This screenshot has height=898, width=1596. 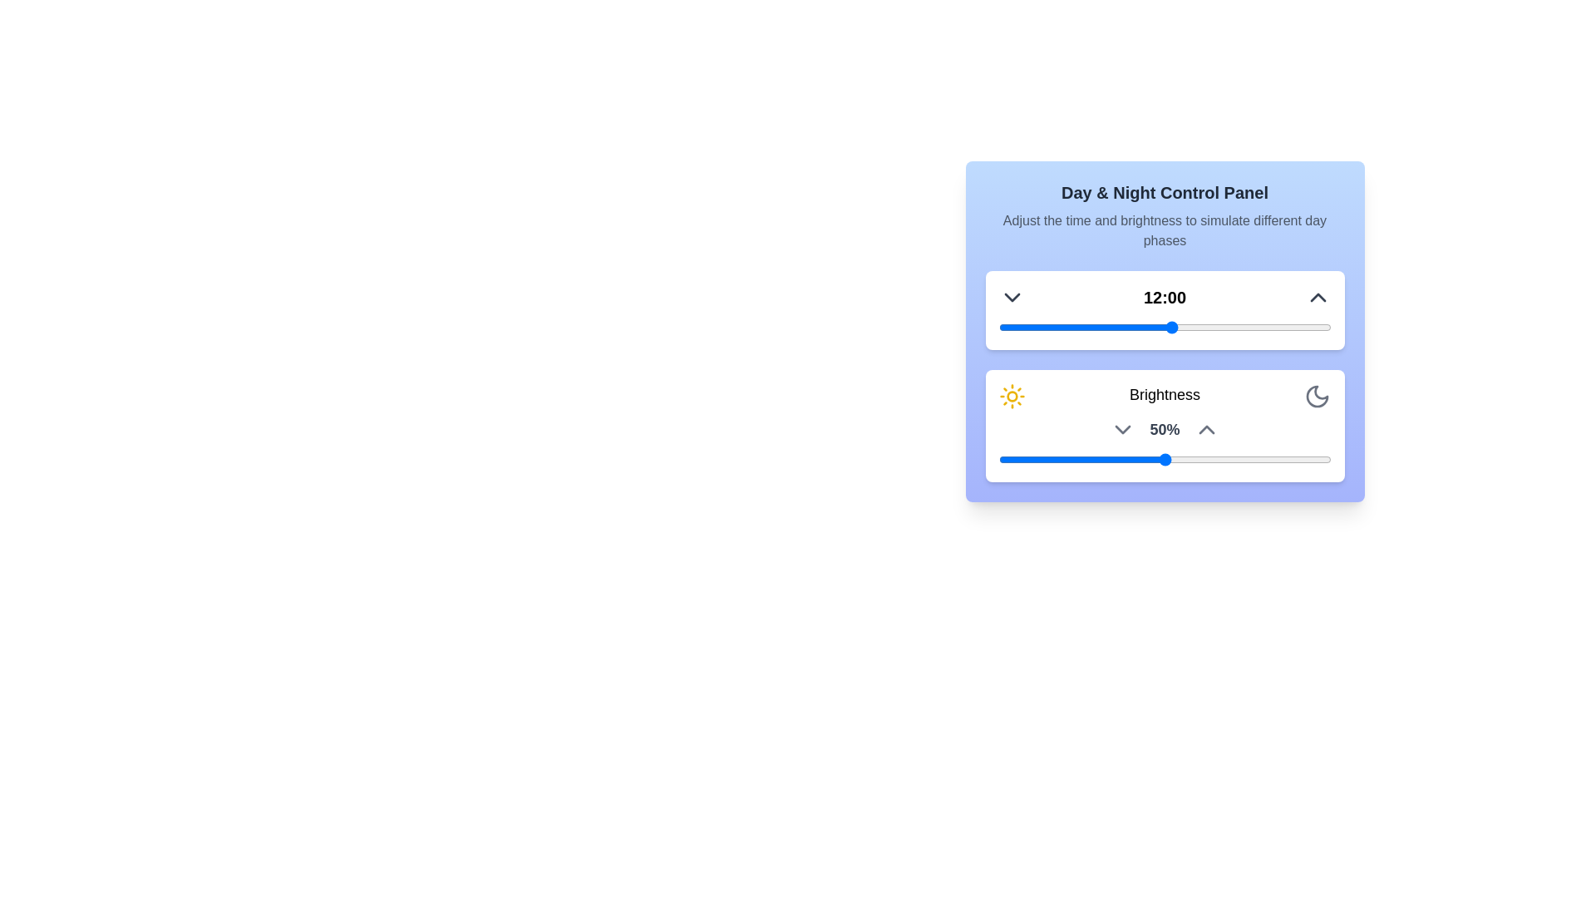 What do you see at coordinates (1123, 428) in the screenshot?
I see `the downward-pointing gray chevron icon next to the '50%' text` at bounding box center [1123, 428].